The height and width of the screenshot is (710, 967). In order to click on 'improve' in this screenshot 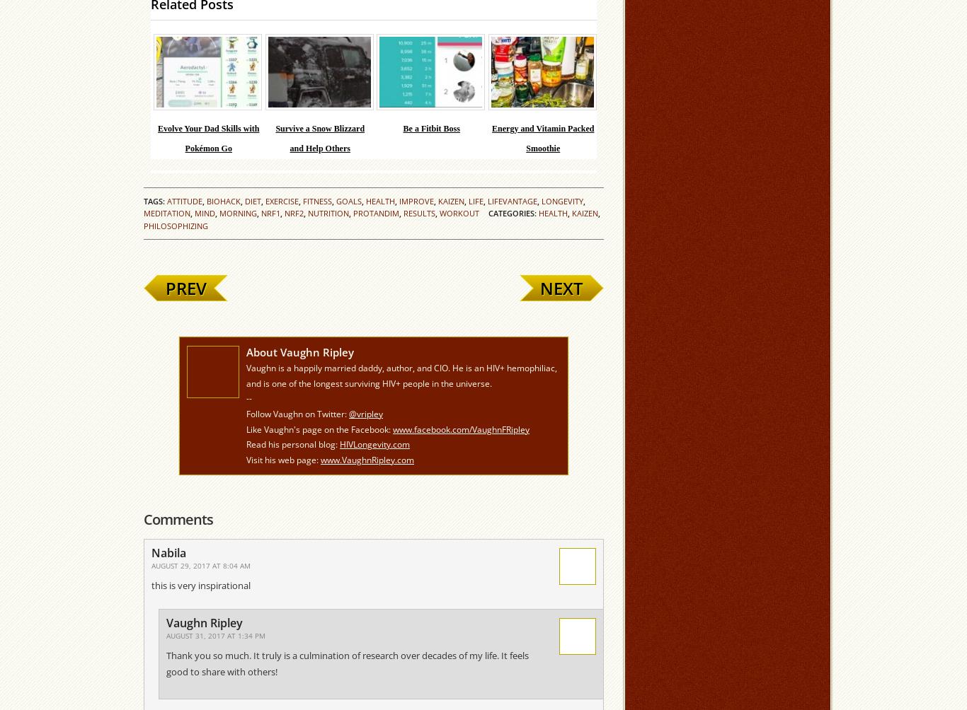, I will do `click(416, 201)`.